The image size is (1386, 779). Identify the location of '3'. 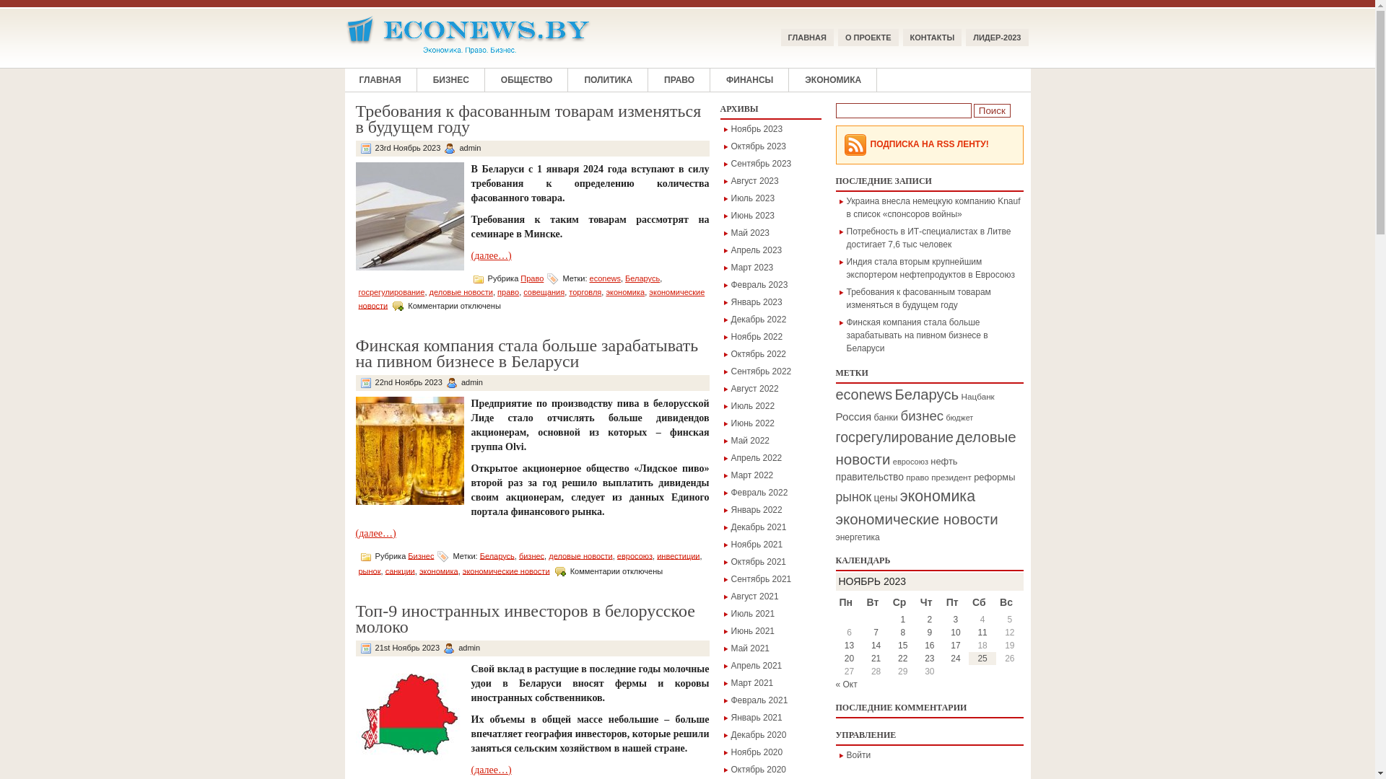
(956, 619).